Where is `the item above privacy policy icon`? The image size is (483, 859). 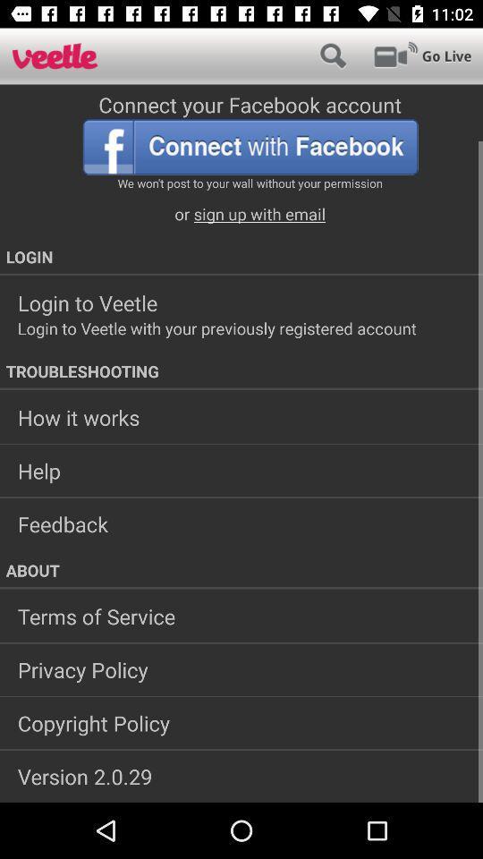 the item above privacy policy icon is located at coordinates (241, 617).